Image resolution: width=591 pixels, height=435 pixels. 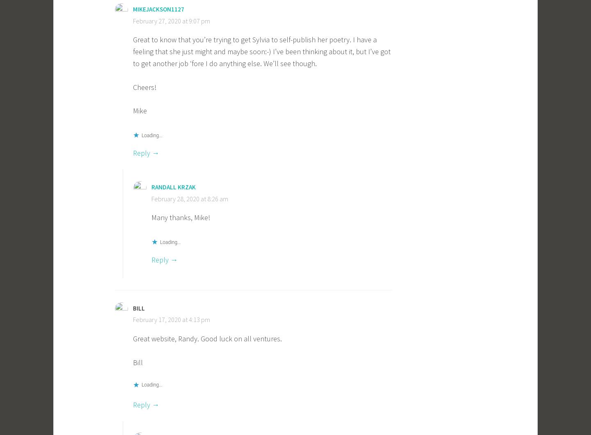 I want to click on 'Randall Krzak', so click(x=173, y=186).